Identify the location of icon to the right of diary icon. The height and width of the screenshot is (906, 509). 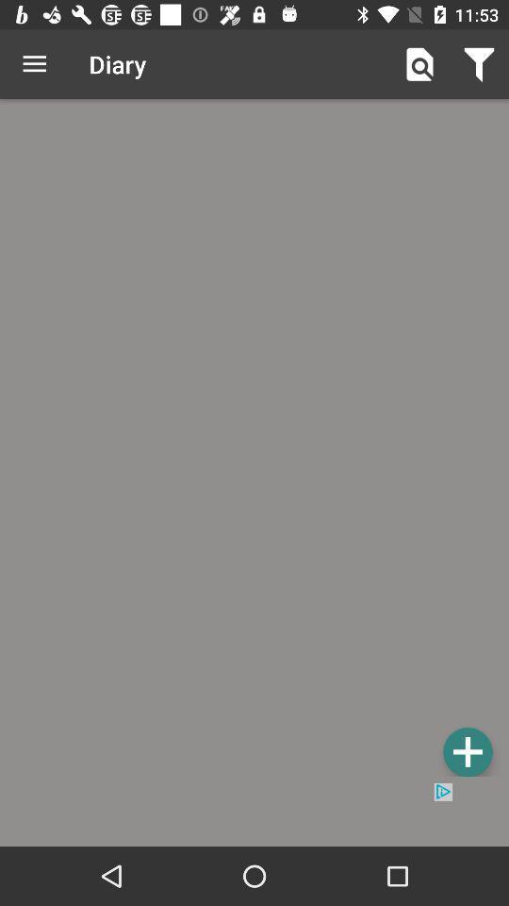
(419, 64).